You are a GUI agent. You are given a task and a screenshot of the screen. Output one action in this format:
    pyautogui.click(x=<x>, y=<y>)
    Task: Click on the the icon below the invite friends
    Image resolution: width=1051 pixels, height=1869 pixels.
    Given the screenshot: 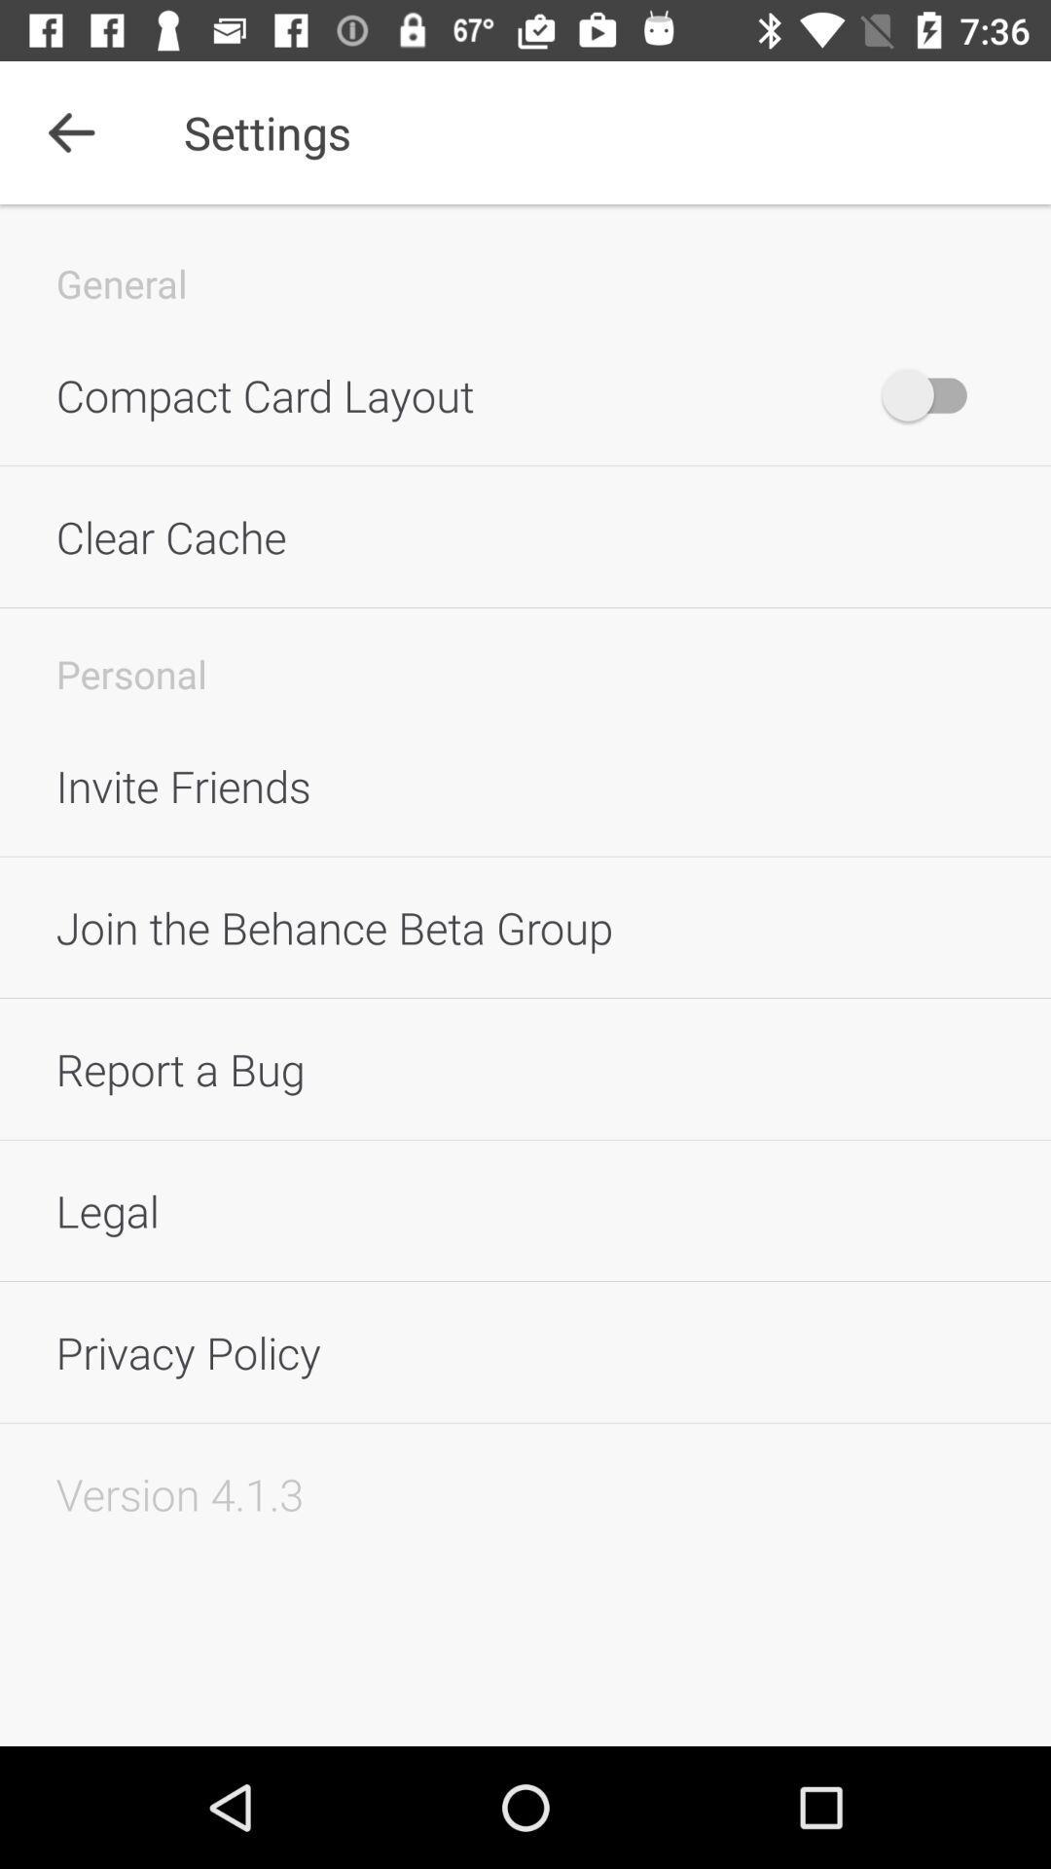 What is the action you would take?
    pyautogui.click(x=525, y=926)
    